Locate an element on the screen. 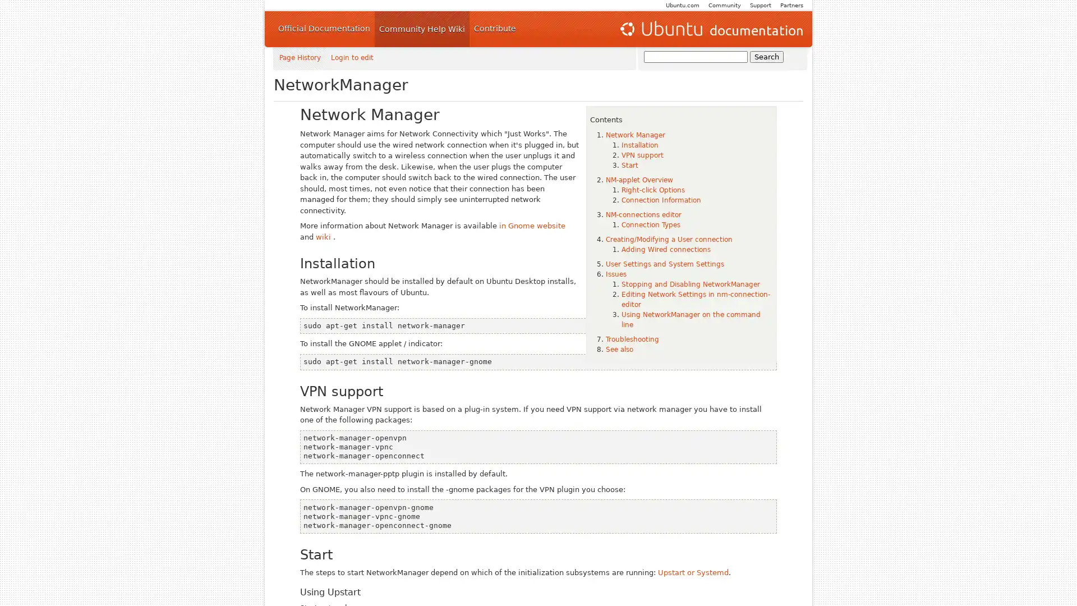  Search is located at coordinates (766, 57).